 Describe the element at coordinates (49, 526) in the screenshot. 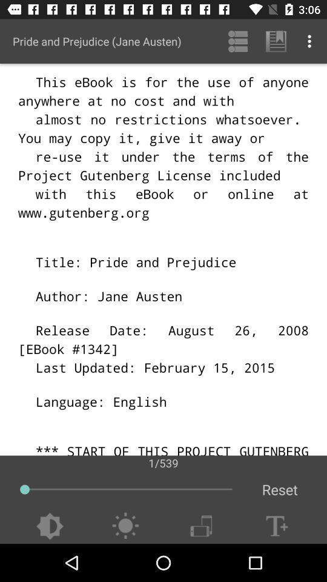

I see `item at the bottom left corner` at that location.